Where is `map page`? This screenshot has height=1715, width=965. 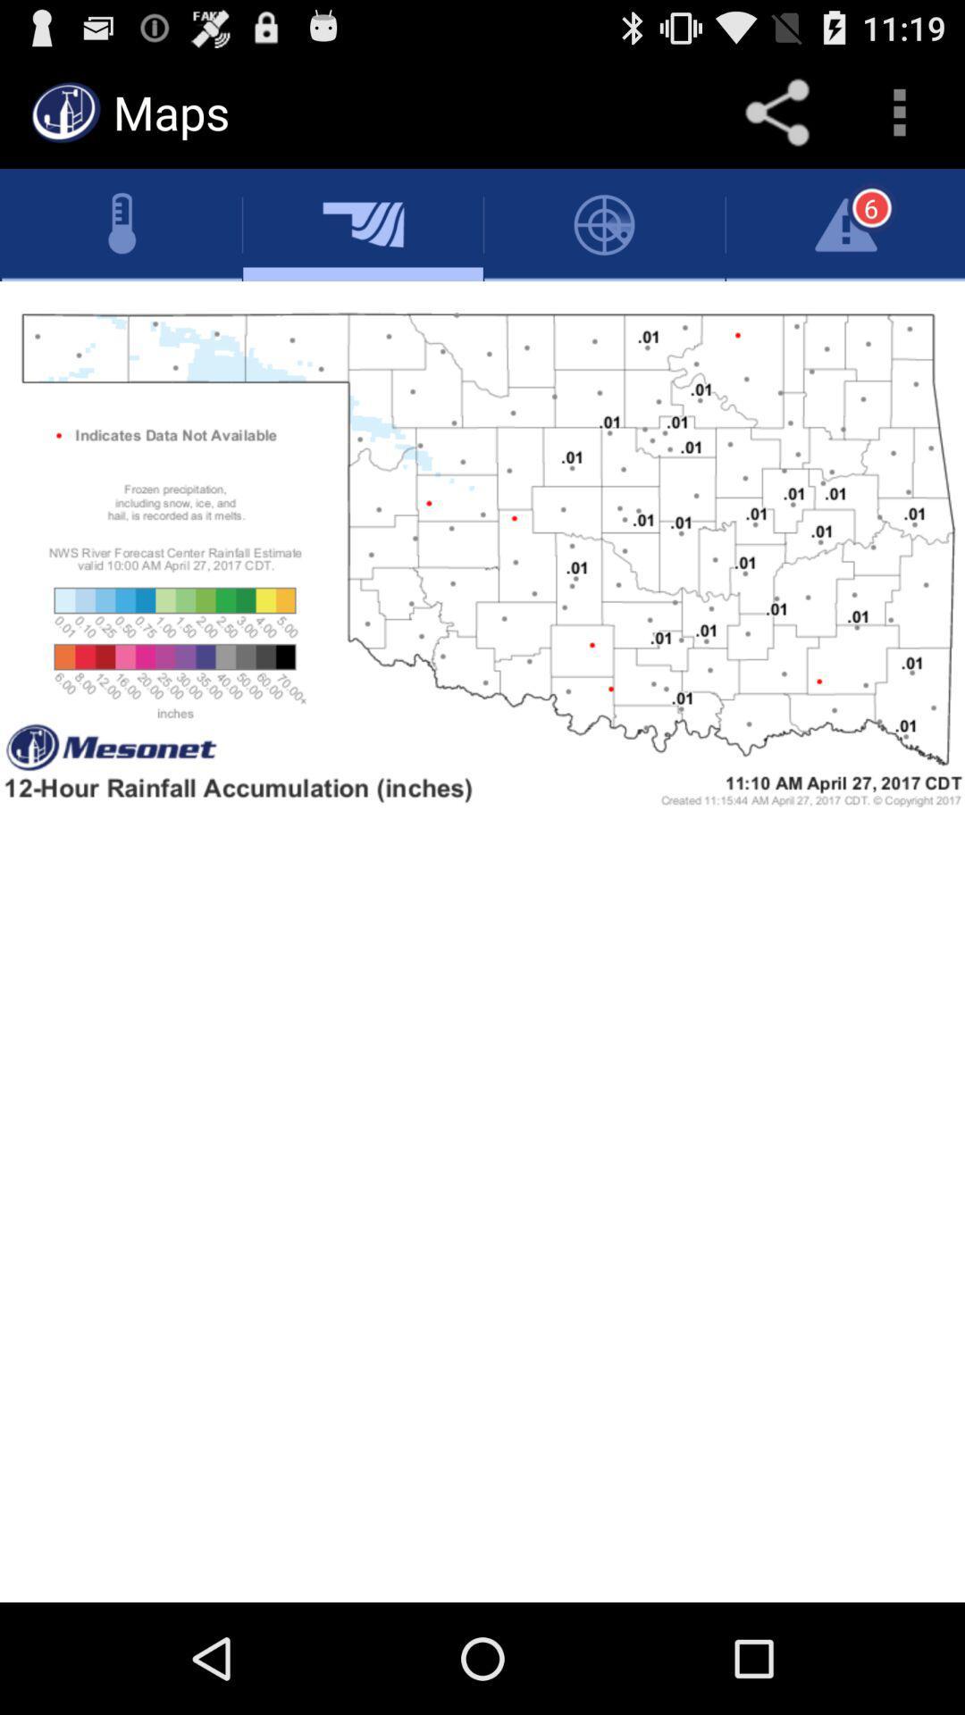 map page is located at coordinates (482, 941).